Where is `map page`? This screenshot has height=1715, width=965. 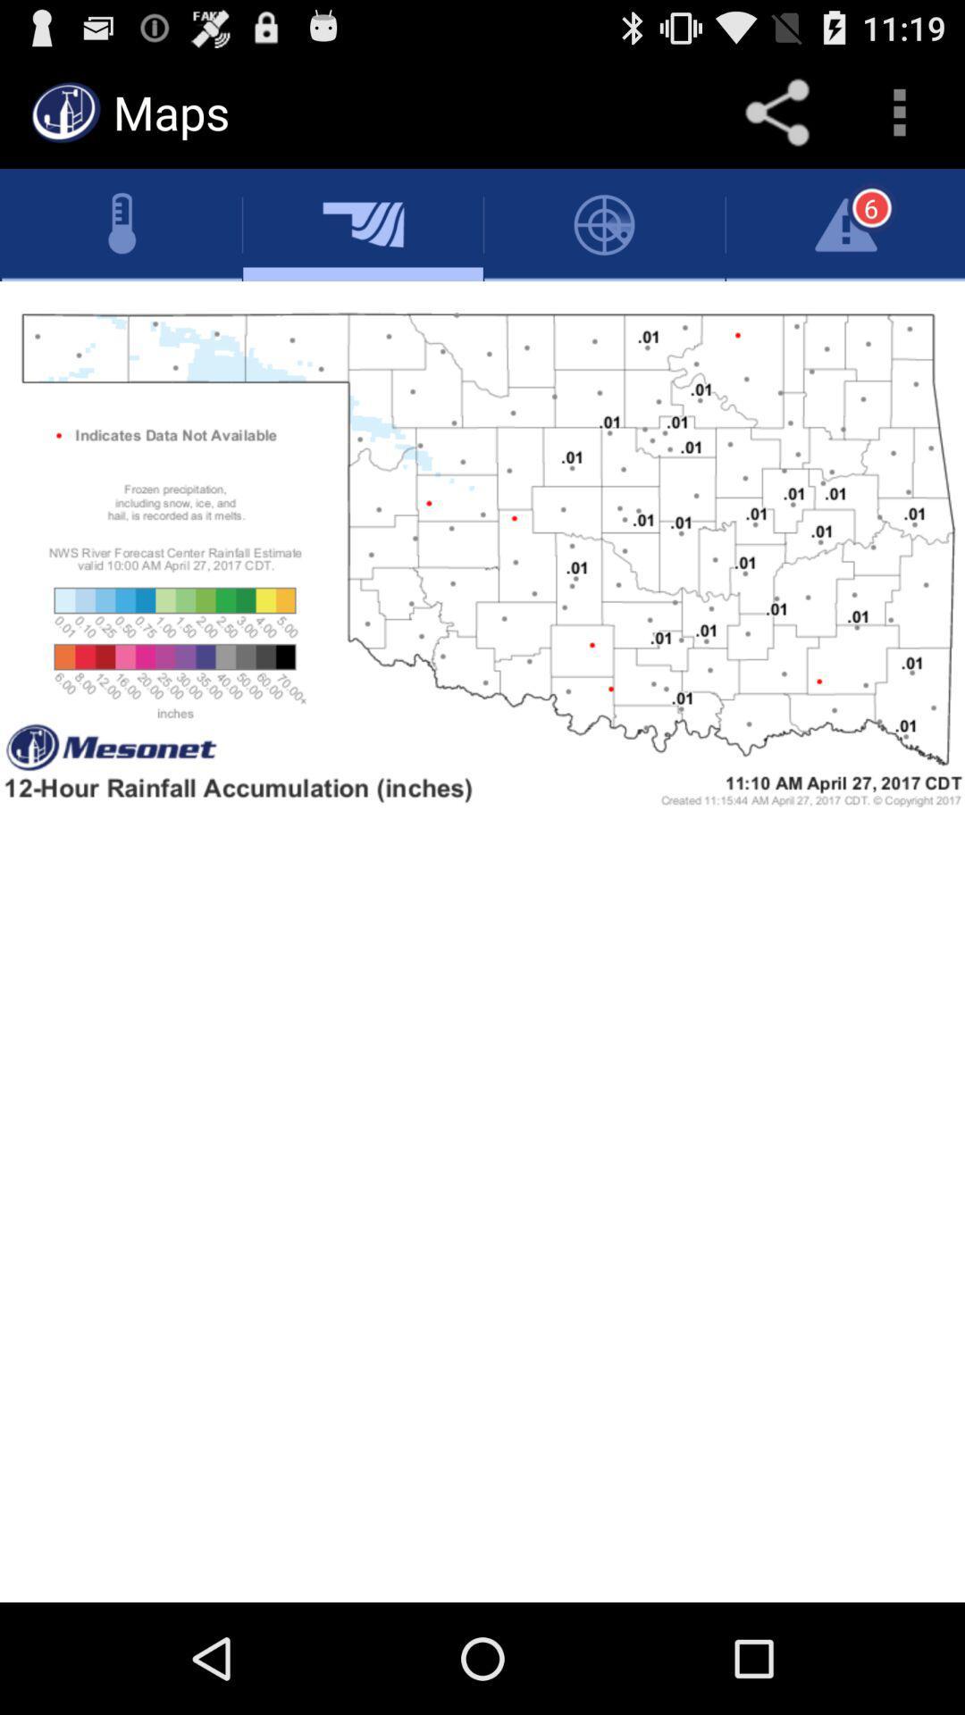 map page is located at coordinates (482, 941).